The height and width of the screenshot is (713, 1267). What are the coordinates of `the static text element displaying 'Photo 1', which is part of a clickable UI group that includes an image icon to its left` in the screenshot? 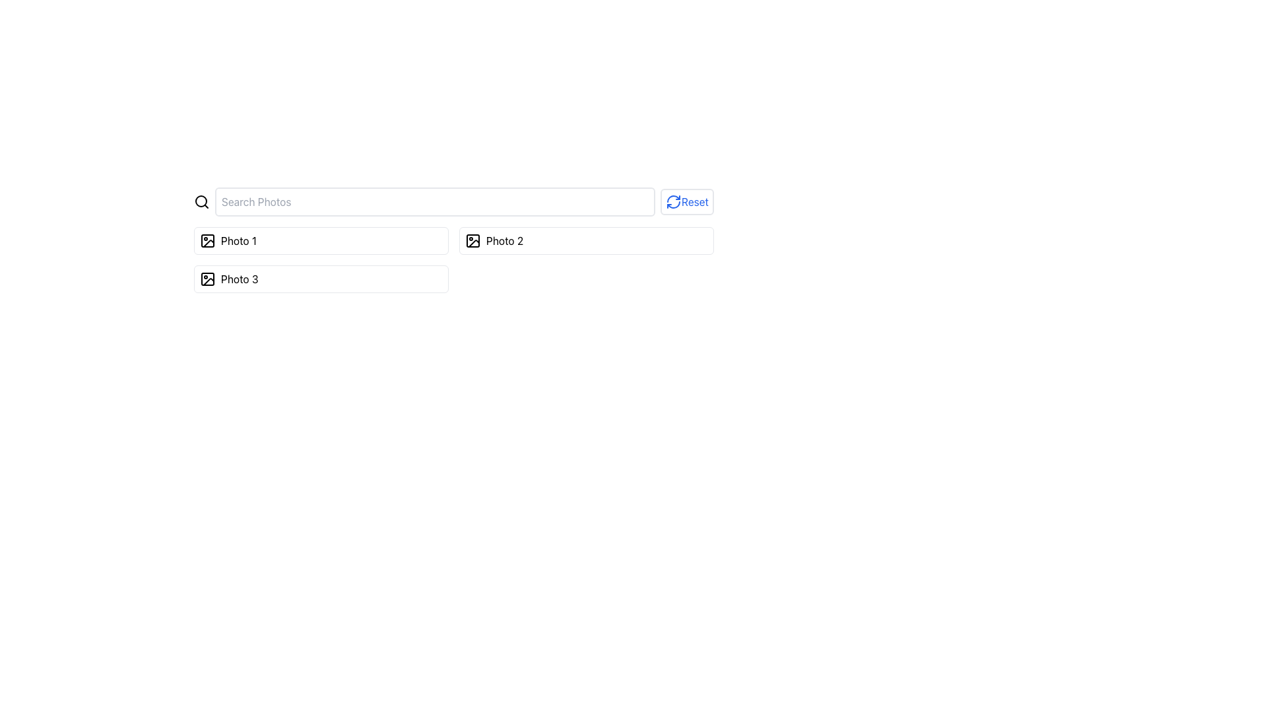 It's located at (238, 241).